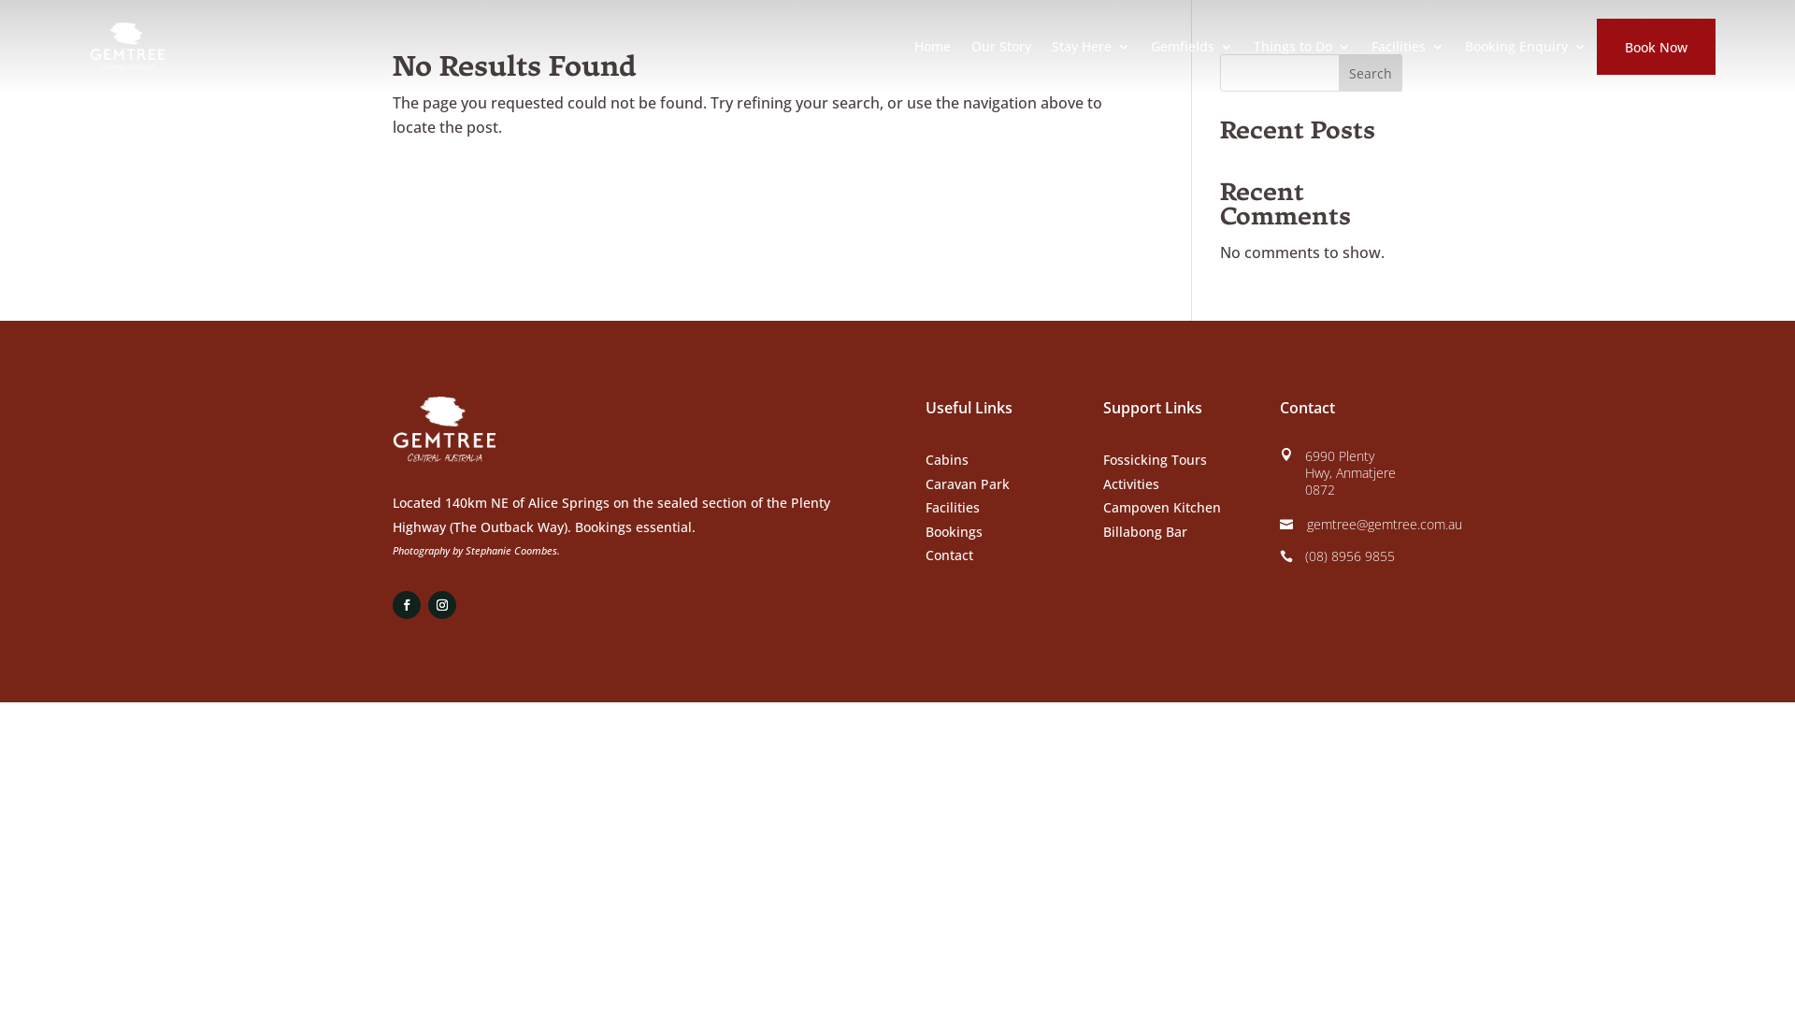 The image size is (1795, 1010). I want to click on '6990 Plenty Hwy, Anmatjere 0872', so click(1350, 471).